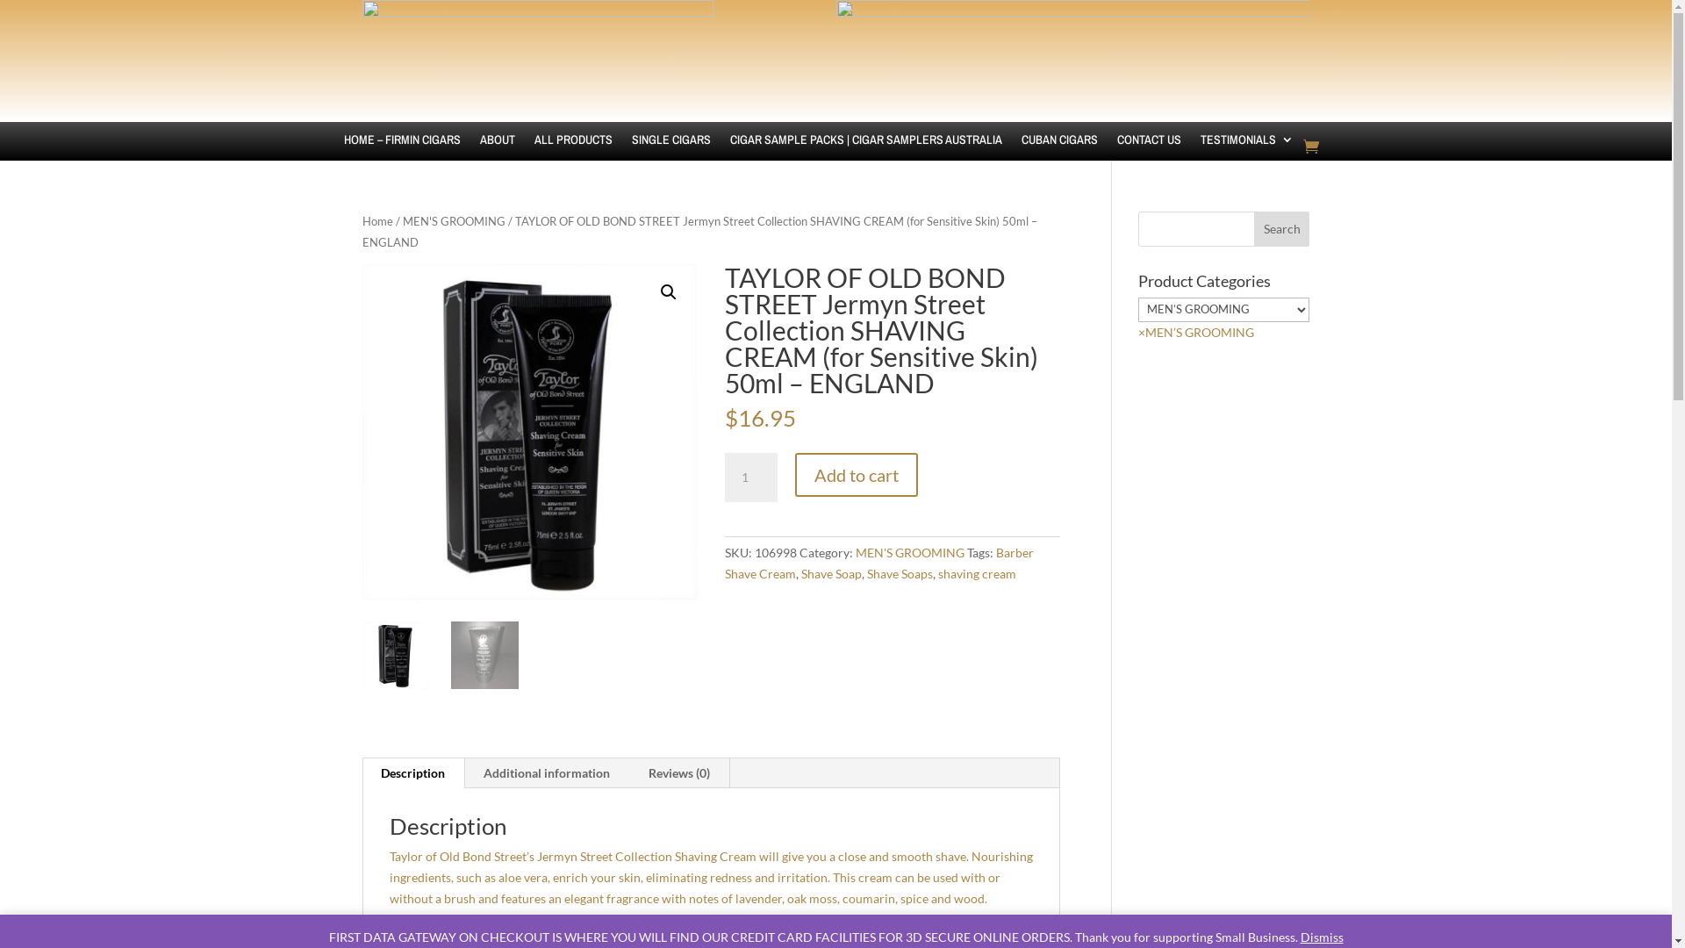  I want to click on 'Shave Soaps', so click(900, 573).